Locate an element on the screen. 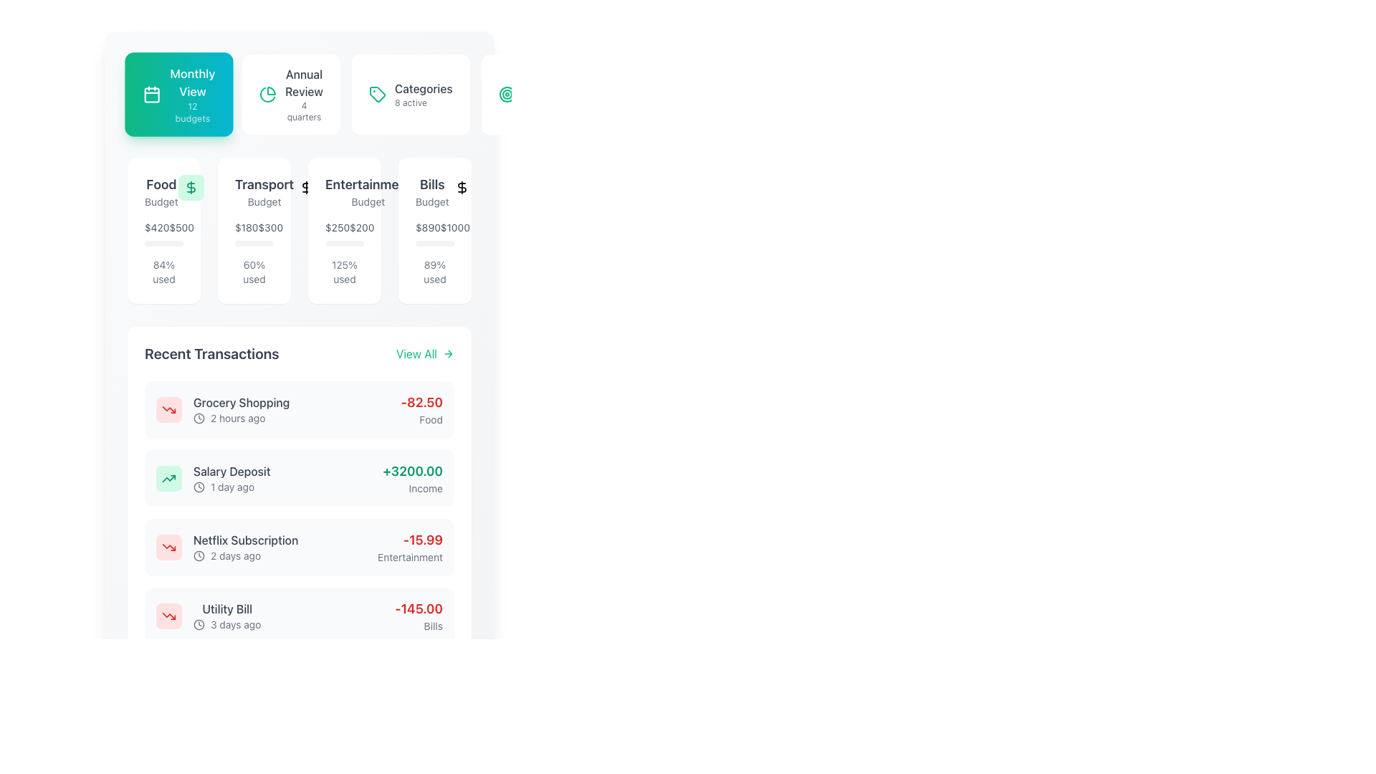 This screenshot has width=1376, height=774. timestamp message '2 hours ago' displayed below the 'Grocery Shopping' label in the 'Recent Transactions' section, which is styled in gray and appears as secondary information is located at coordinates (242, 418).